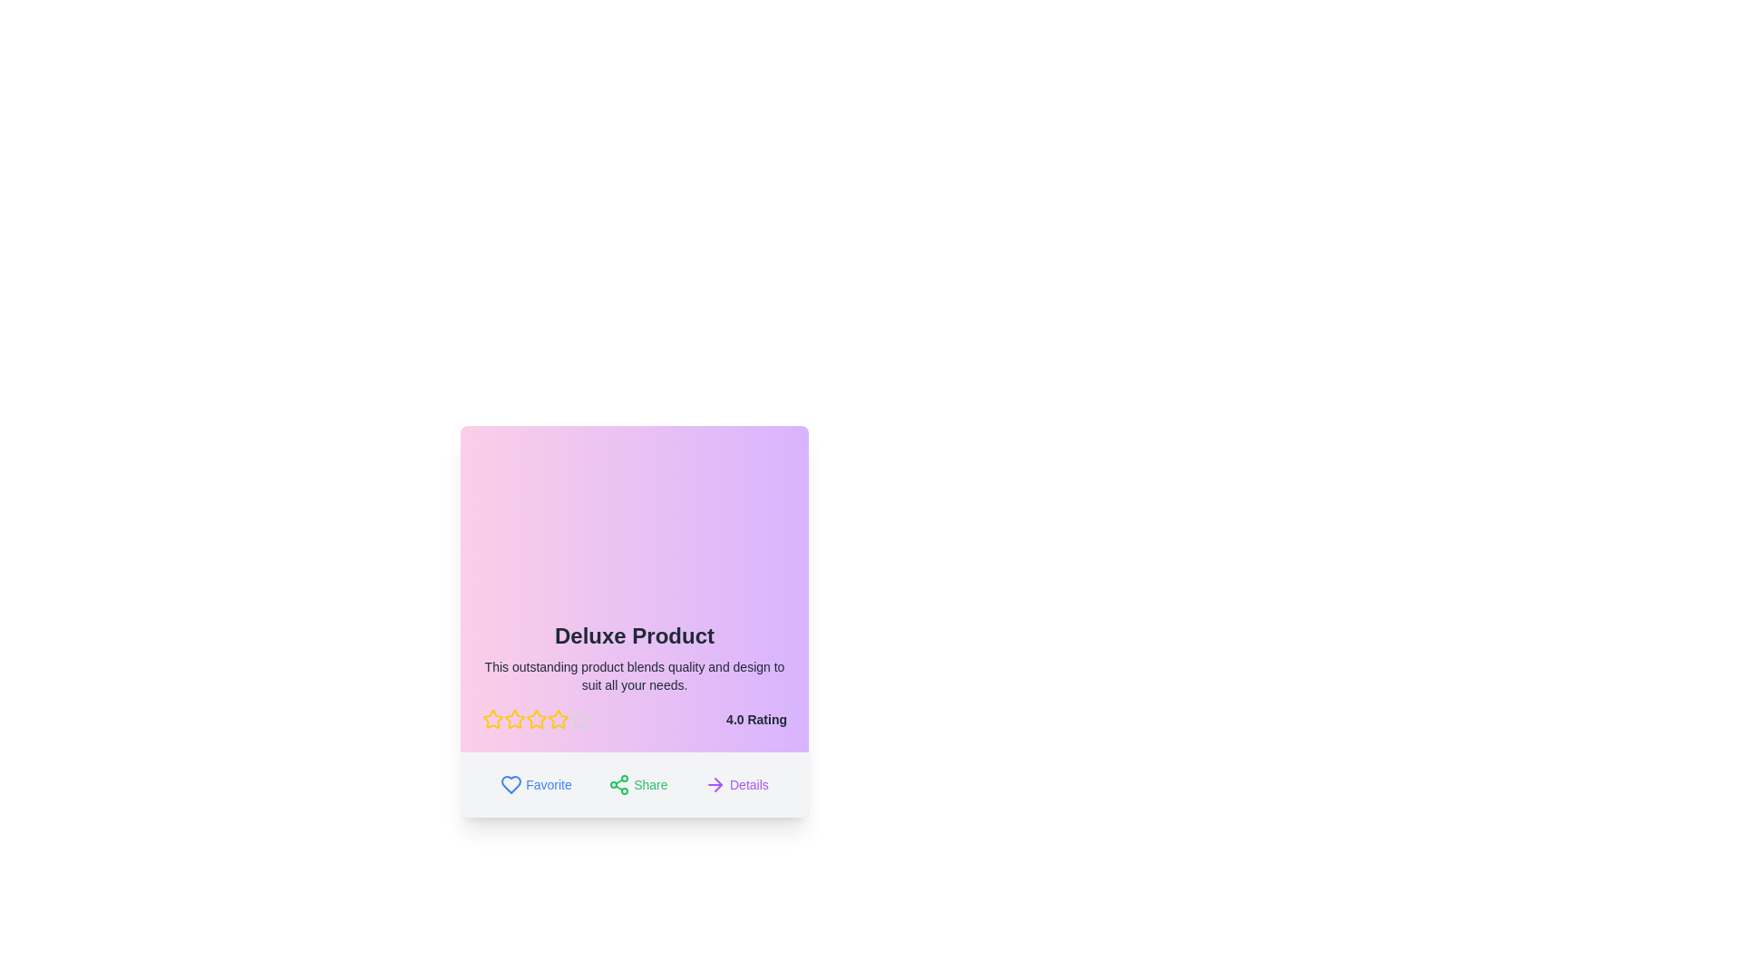  What do you see at coordinates (492, 719) in the screenshot?
I see `the first star icon in the rating system for the 'Deluxe Product'` at bounding box center [492, 719].